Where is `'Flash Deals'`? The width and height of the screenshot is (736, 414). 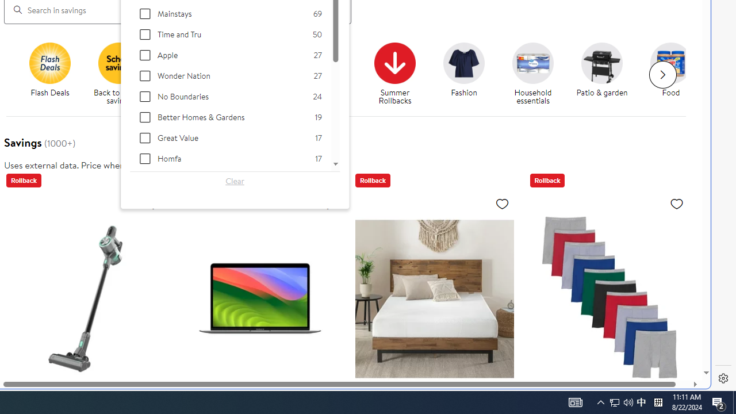
'Flash Deals' is located at coordinates (53, 74).